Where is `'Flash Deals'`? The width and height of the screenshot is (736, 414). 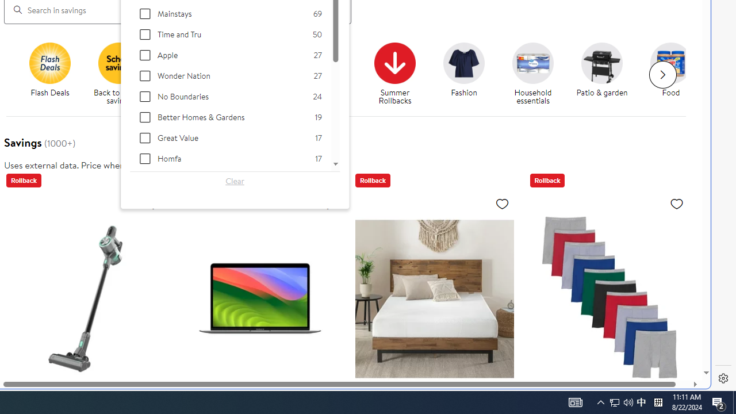
'Flash Deals' is located at coordinates (53, 74).